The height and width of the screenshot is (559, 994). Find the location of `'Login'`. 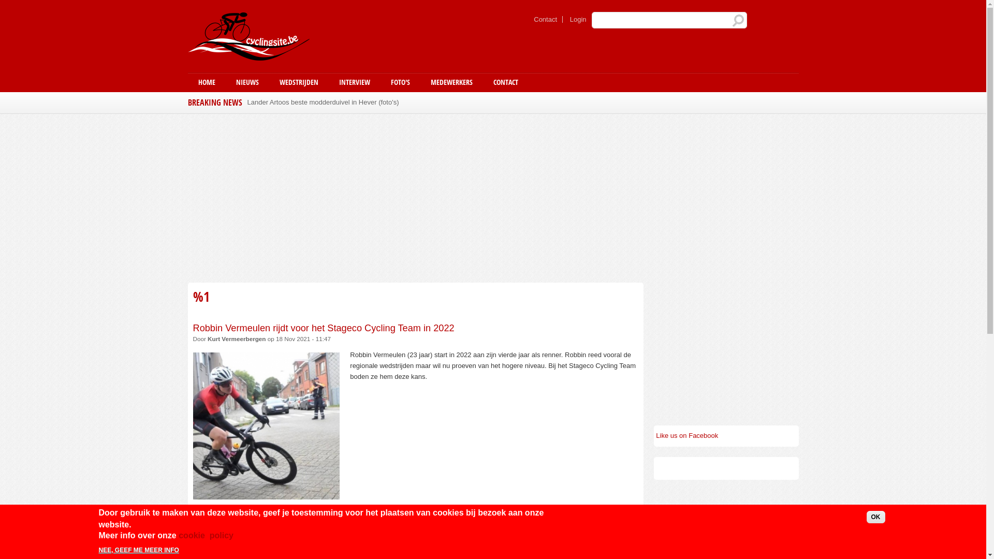

'Login' is located at coordinates (578, 19).